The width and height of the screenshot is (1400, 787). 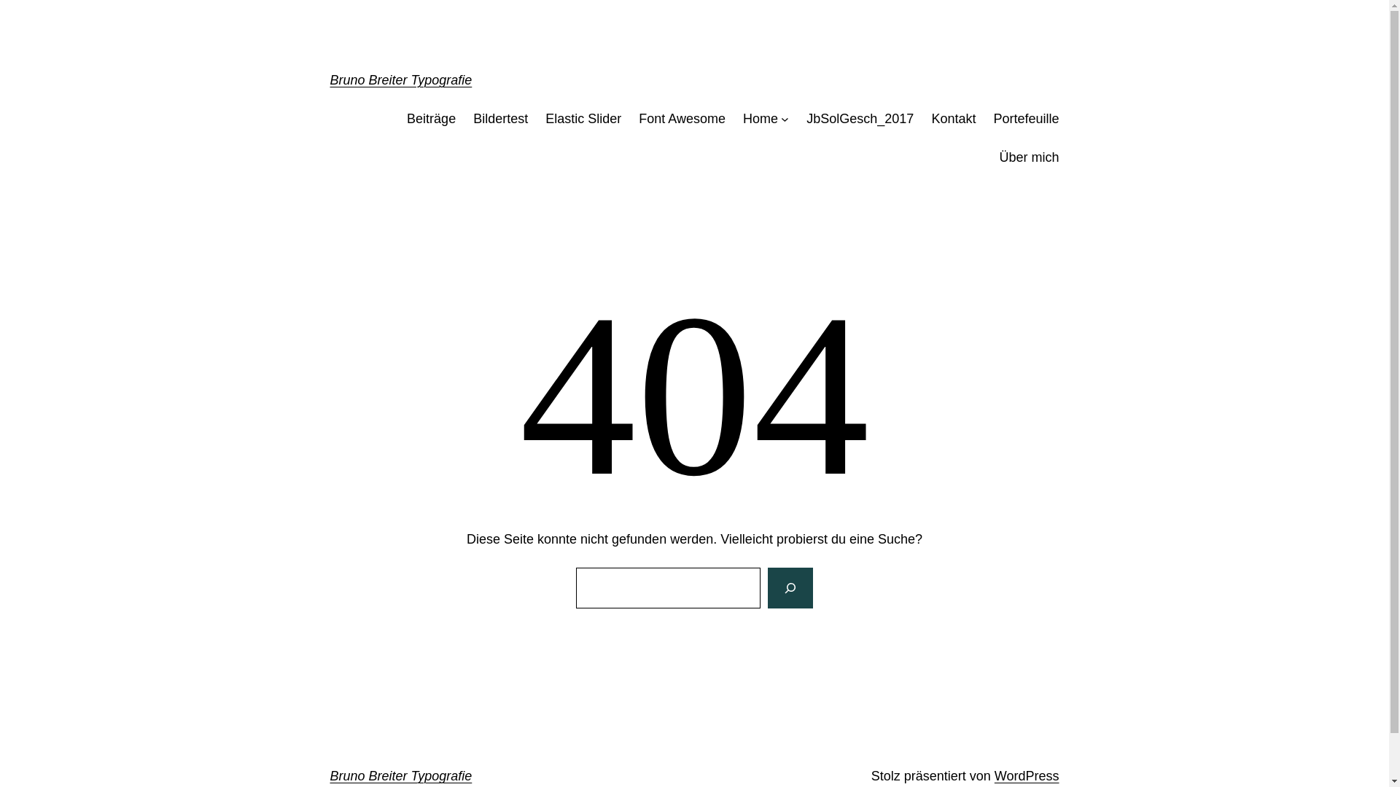 I want to click on 'Portefeuille', so click(x=1024, y=118).